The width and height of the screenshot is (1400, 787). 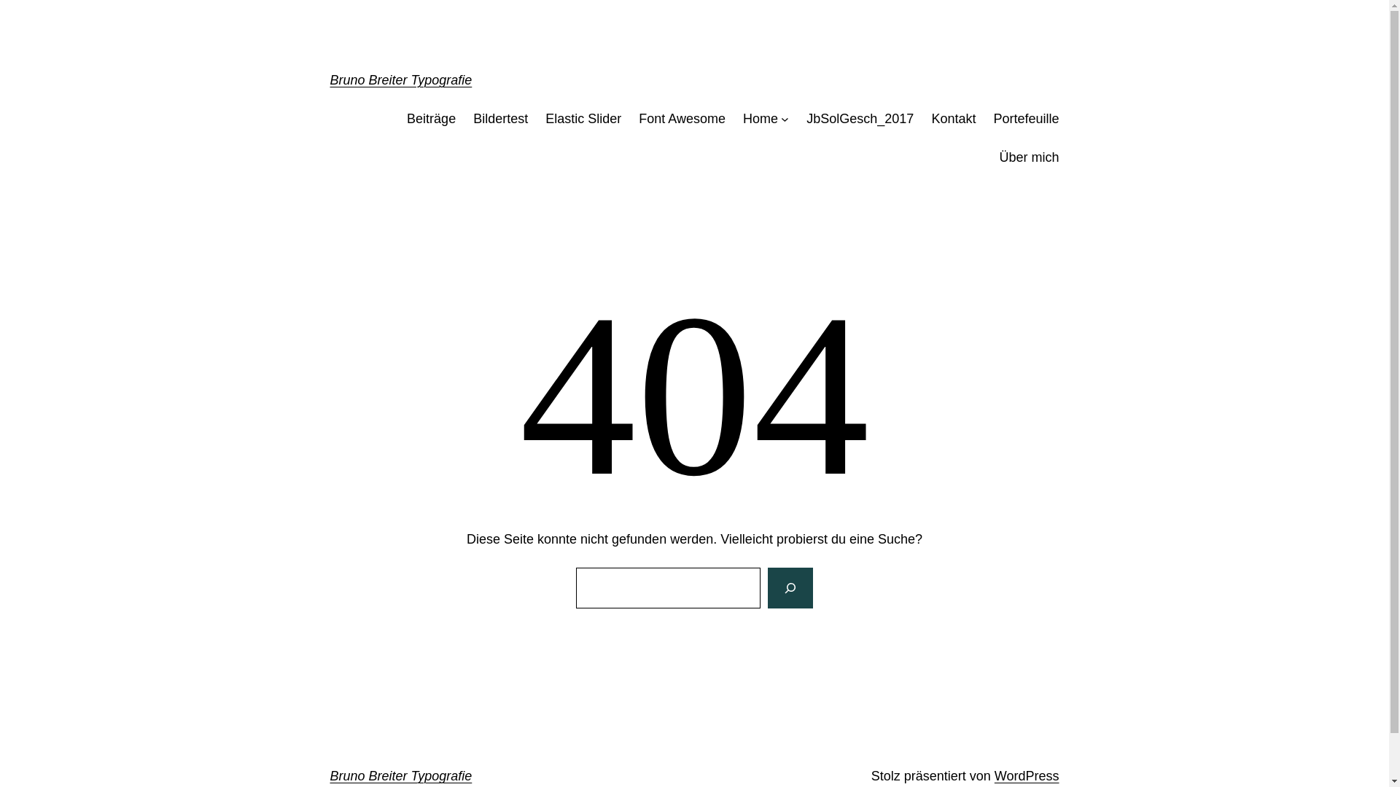 I want to click on 'Portefeuille', so click(x=1024, y=118).